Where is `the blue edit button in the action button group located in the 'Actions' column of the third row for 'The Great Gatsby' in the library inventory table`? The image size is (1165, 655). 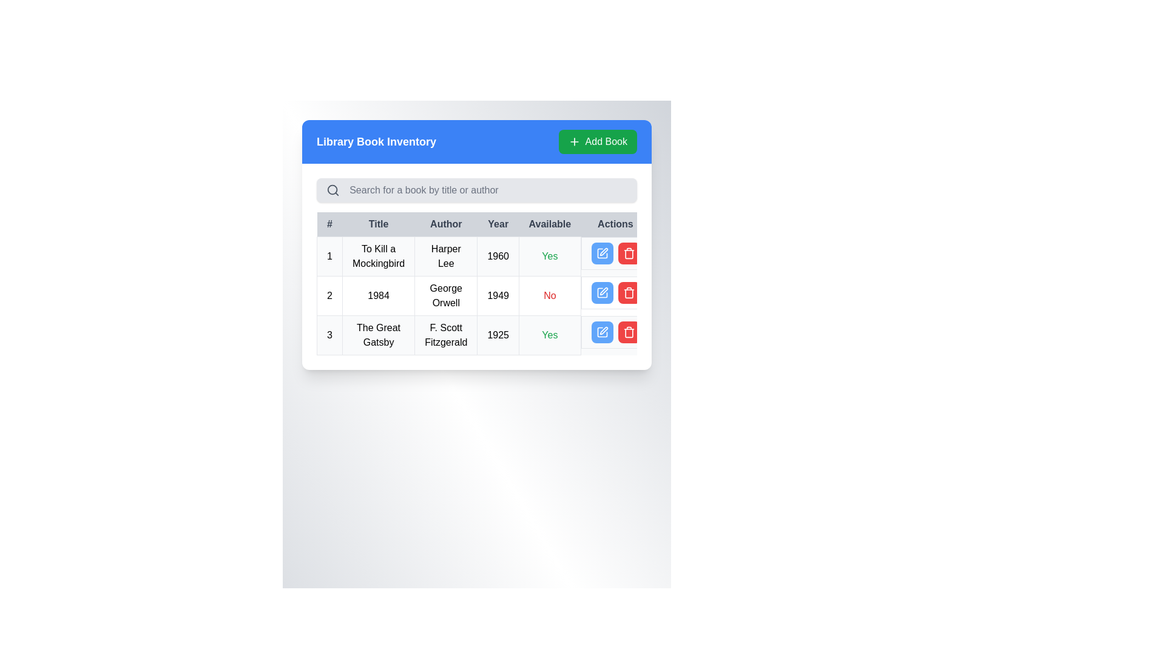
the blue edit button in the action button group located in the 'Actions' column of the third row for 'The Great Gatsby' in the library inventory table is located at coordinates (615, 332).